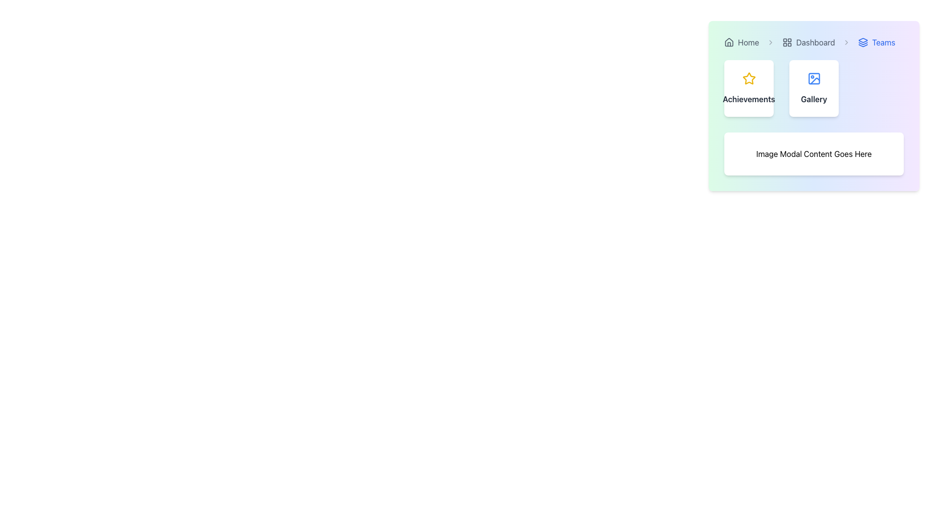 This screenshot has height=528, width=939. I want to click on the blue icon resembling stacked sheets in the breadcrumb navigation bar, located immediately to the left of the 'Teams' text, so click(863, 42).